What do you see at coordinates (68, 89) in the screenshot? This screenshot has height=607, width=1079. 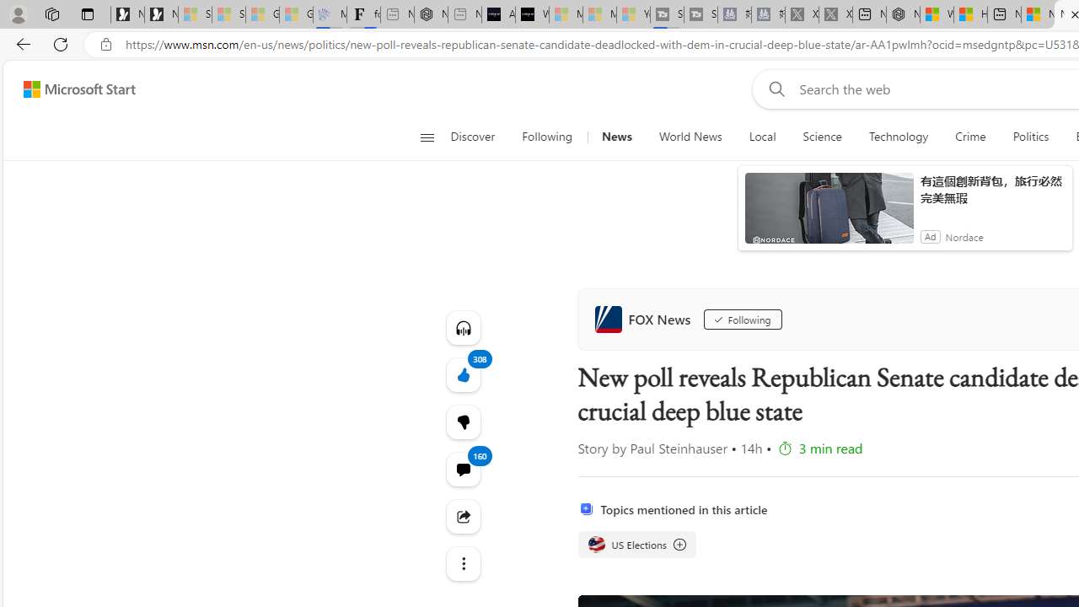 I see `'Skip to footer'` at bounding box center [68, 89].